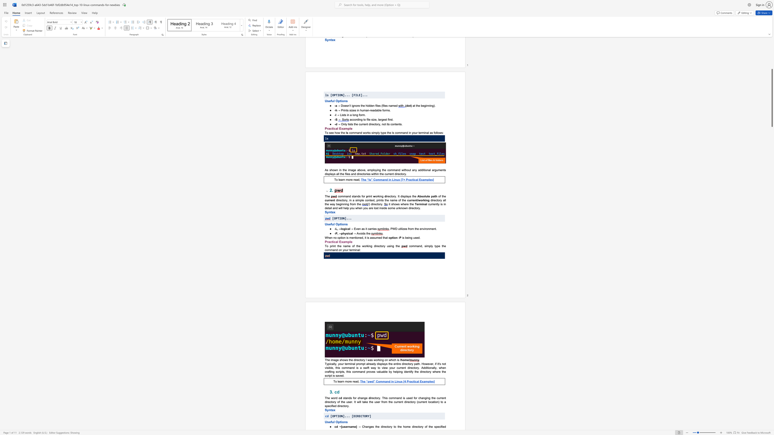 The height and width of the screenshot is (435, 774). Describe the element at coordinates (333, 242) in the screenshot. I see `the 1th character "i" in the text` at that location.